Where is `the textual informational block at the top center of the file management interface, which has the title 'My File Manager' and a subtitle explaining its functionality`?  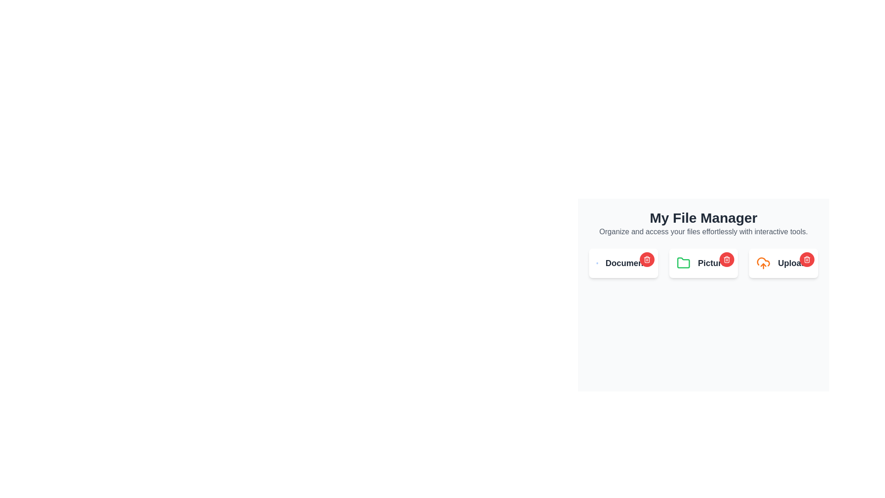
the textual informational block at the top center of the file management interface, which has the title 'My File Manager' and a subtitle explaining its functionality is located at coordinates (703, 224).